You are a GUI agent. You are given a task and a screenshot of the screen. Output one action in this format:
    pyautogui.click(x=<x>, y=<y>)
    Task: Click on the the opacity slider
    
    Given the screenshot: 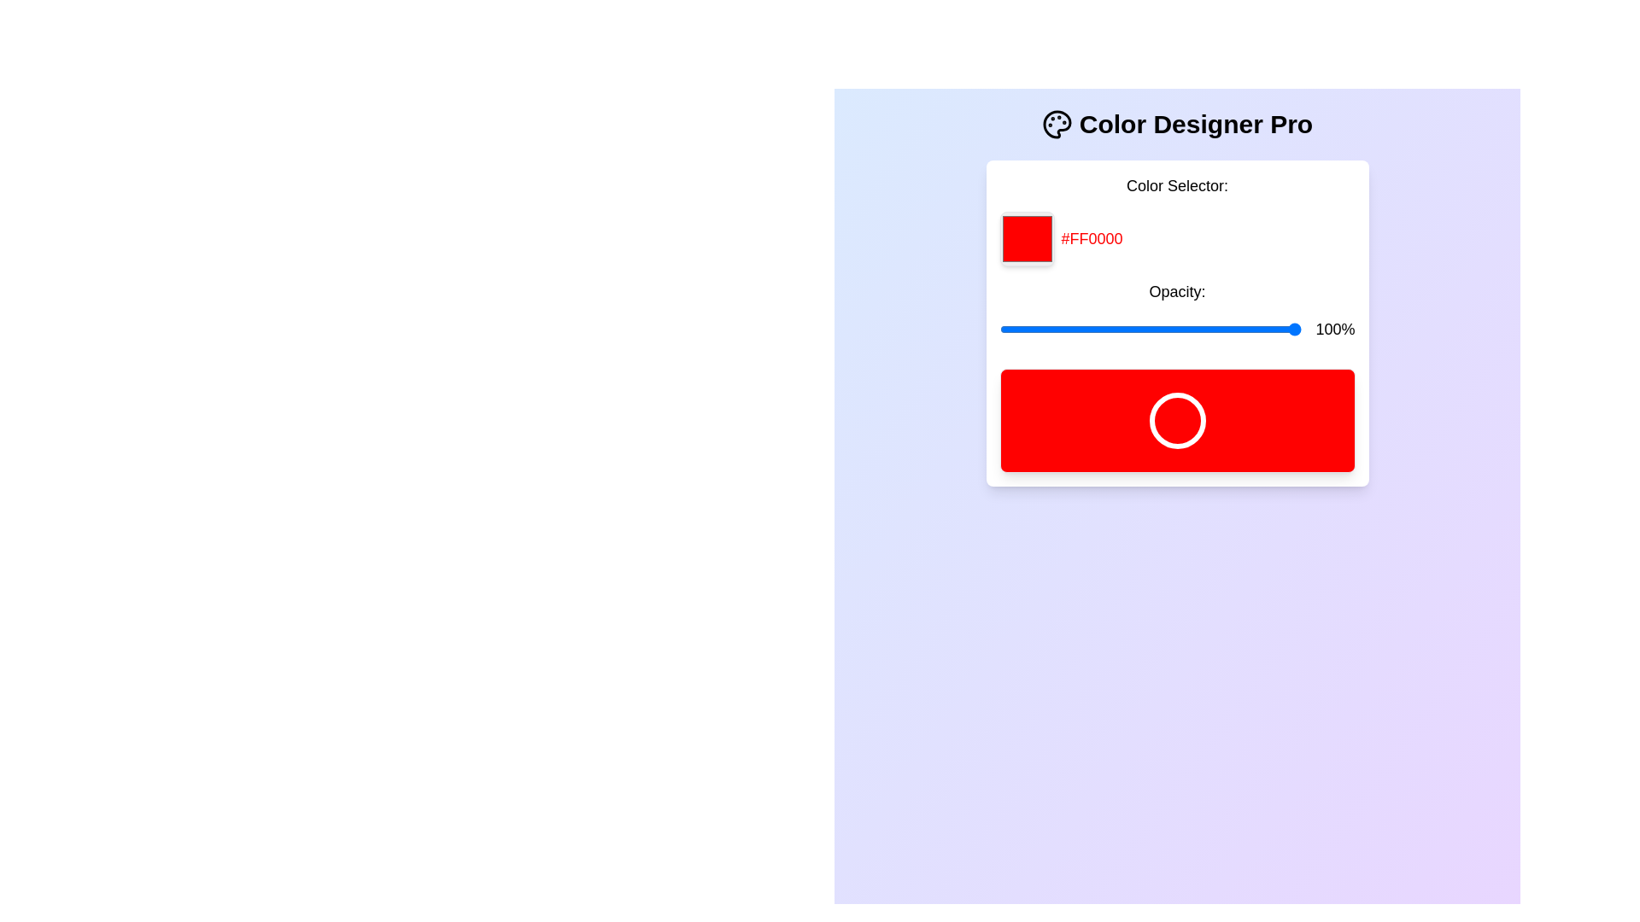 What is the action you would take?
    pyautogui.click(x=1093, y=329)
    